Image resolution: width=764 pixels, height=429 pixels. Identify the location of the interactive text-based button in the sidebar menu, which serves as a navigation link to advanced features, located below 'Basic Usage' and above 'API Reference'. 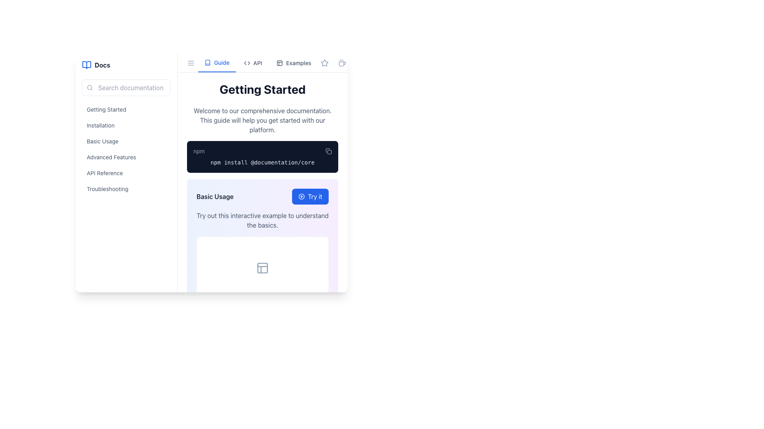
(126, 157).